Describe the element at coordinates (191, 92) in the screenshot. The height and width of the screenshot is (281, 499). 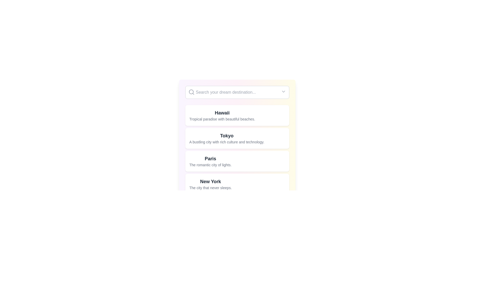
I see `the search icon, which is a grayish magnifying glass located in the left portion of the search bar, to prompt a tooltip or highlight effect` at that location.